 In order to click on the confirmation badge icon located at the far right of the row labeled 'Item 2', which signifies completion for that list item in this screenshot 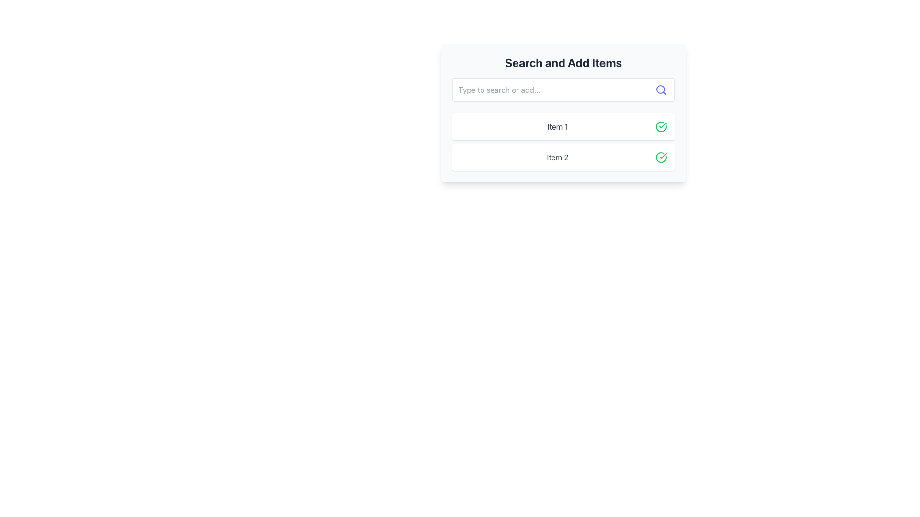, I will do `click(661, 157)`.